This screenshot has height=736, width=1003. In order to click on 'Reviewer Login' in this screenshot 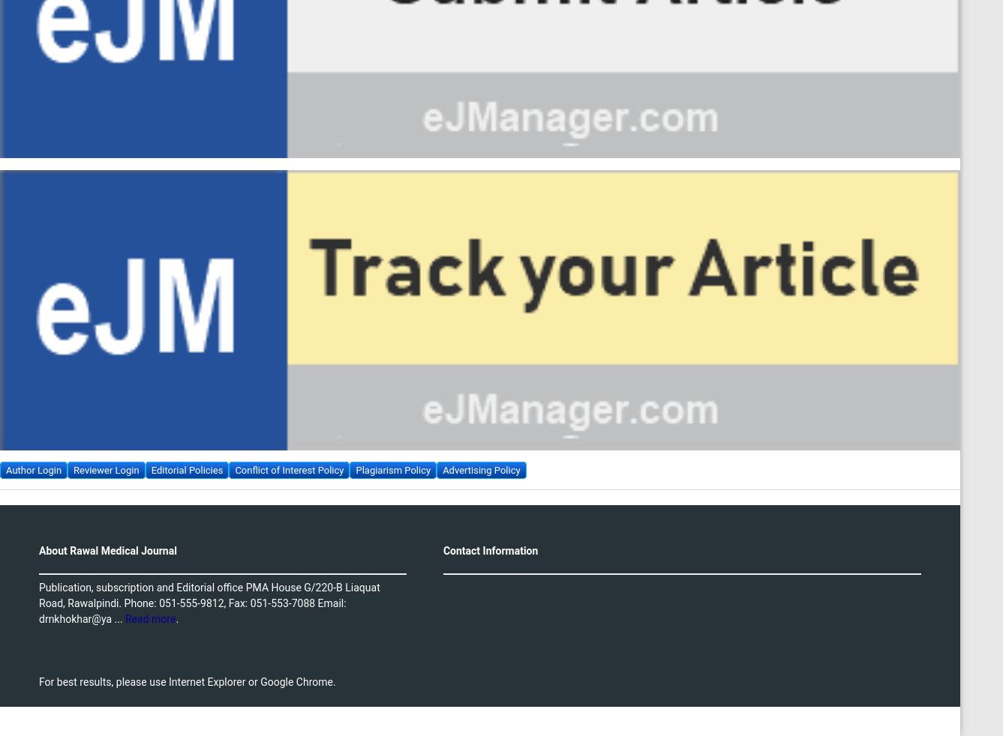, I will do `click(105, 468)`.